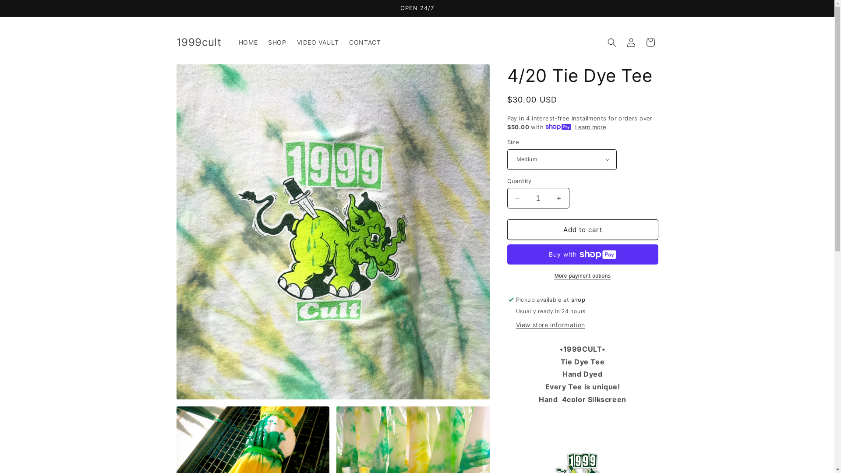  I want to click on '1999cult', so click(173, 42).